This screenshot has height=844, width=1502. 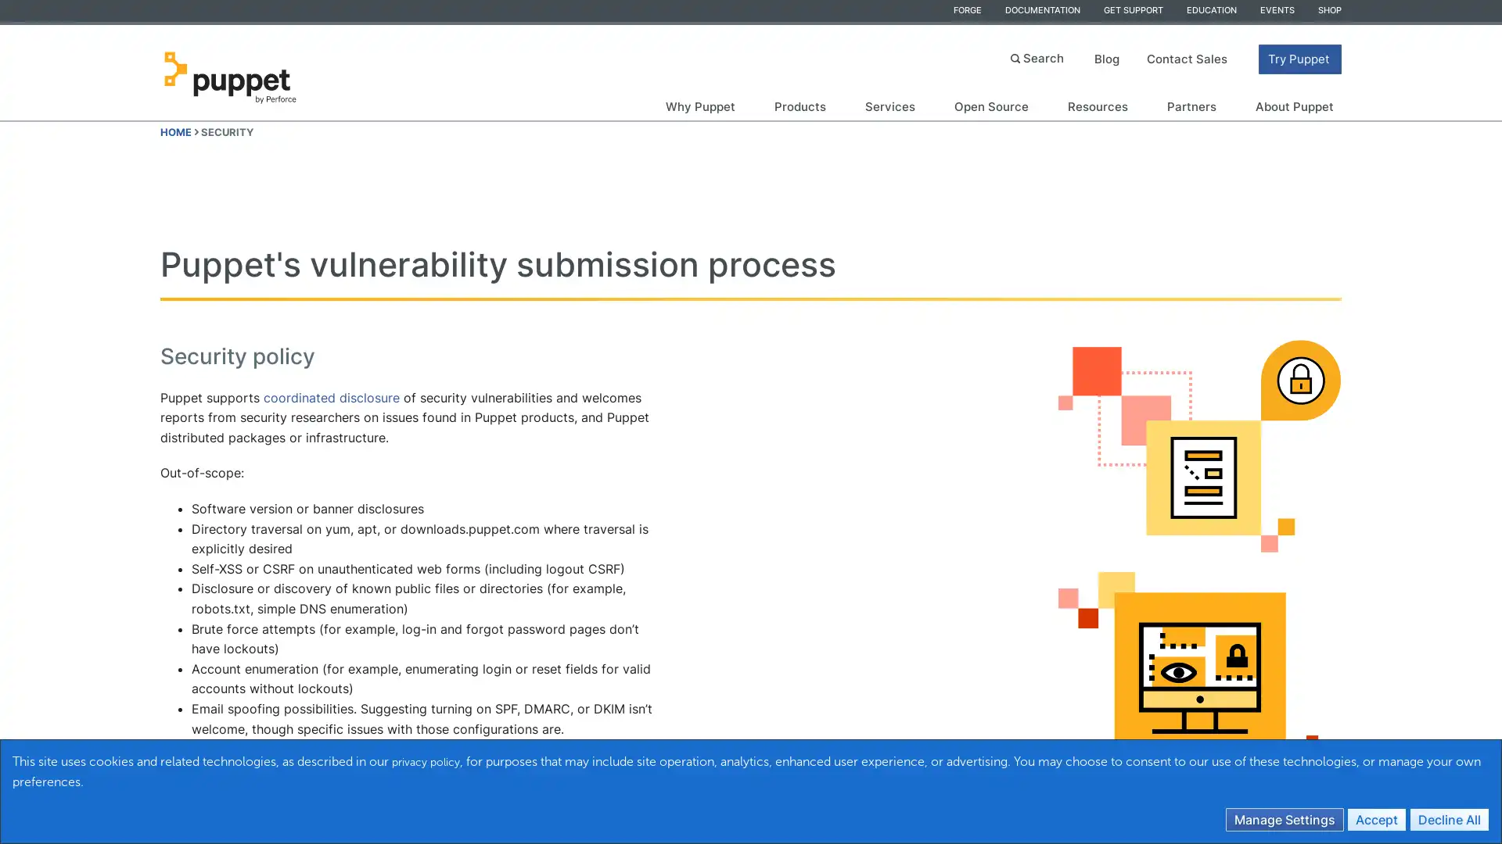 I want to click on Accept, so click(x=1377, y=818).